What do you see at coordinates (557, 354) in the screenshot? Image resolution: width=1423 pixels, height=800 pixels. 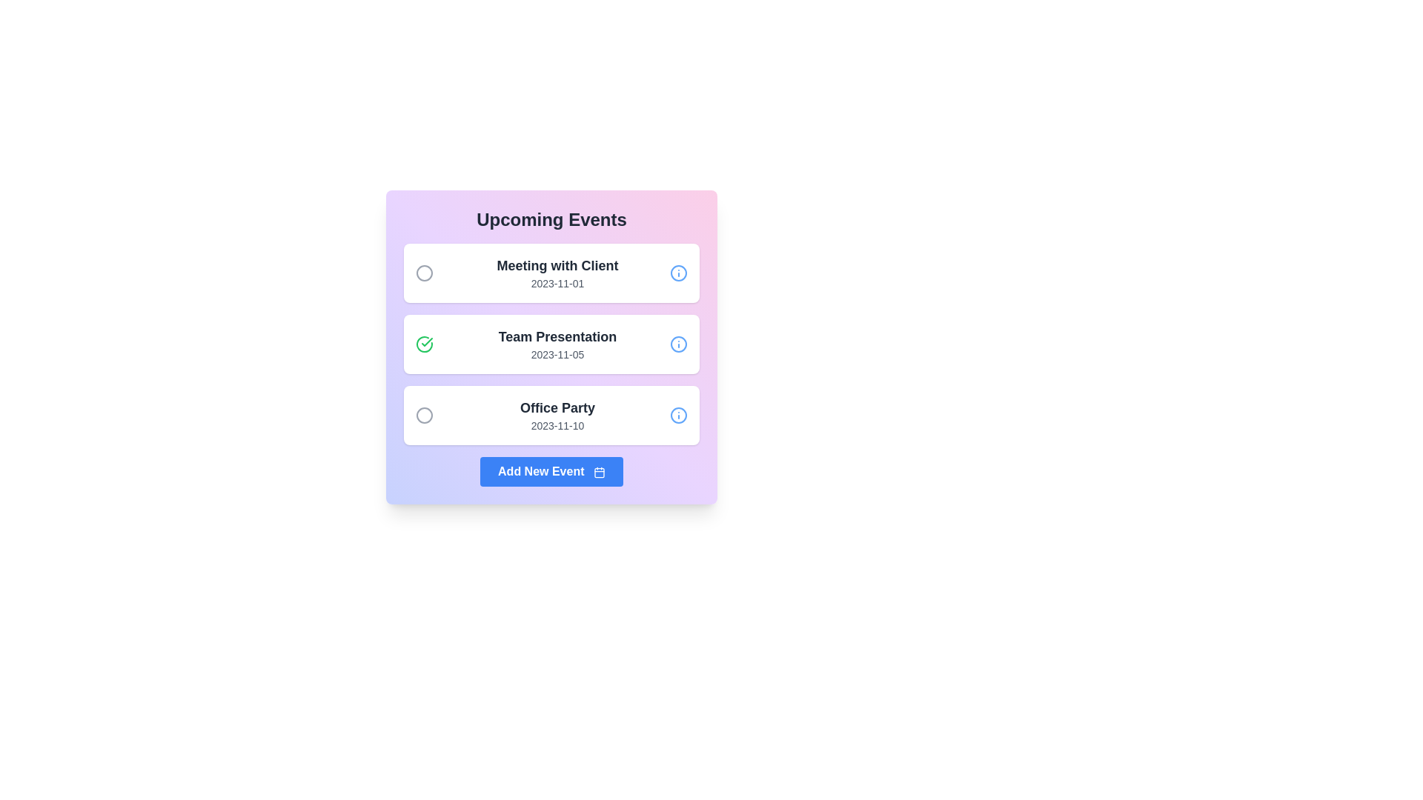 I see `the text label displaying the date '2023-11-05', which is located below the 'Team Presentation' label` at bounding box center [557, 354].